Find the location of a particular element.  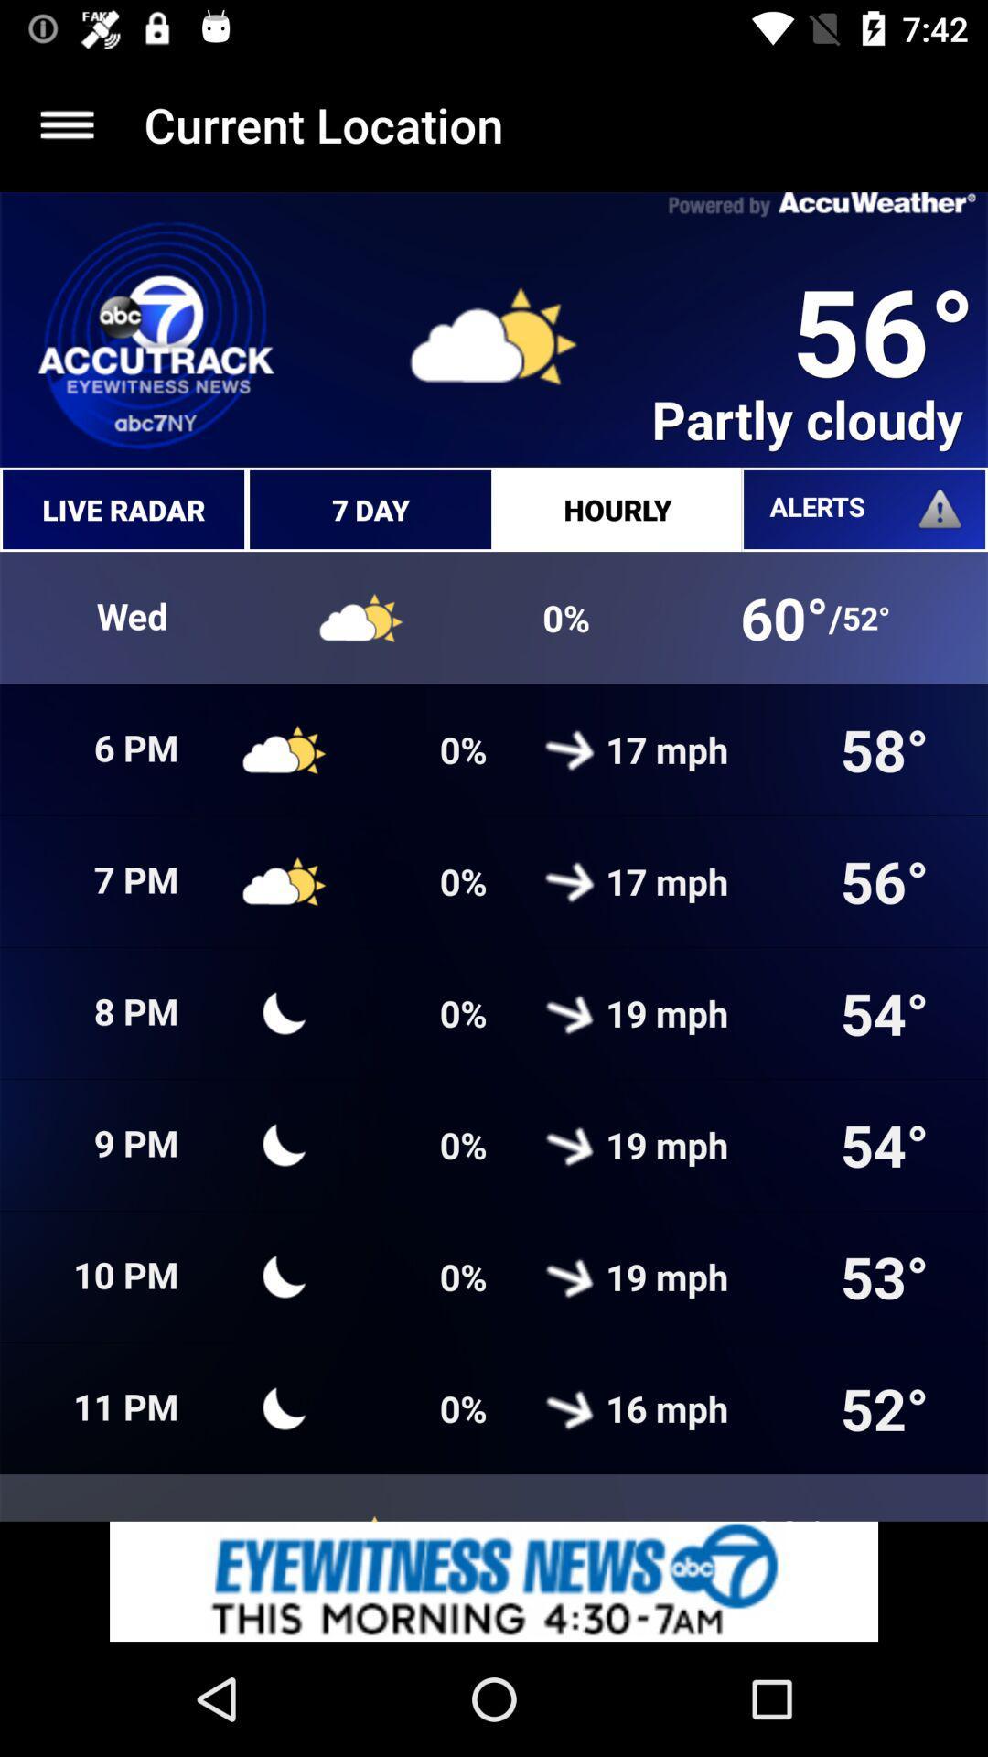

7 day which is next to live radar is located at coordinates (370, 509).